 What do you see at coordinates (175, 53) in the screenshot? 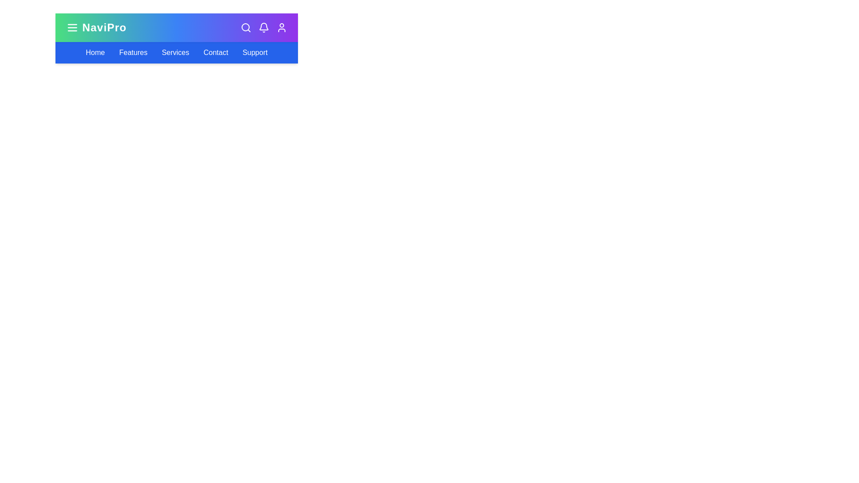
I see `the Services navigation link in the navigation bar` at bounding box center [175, 53].